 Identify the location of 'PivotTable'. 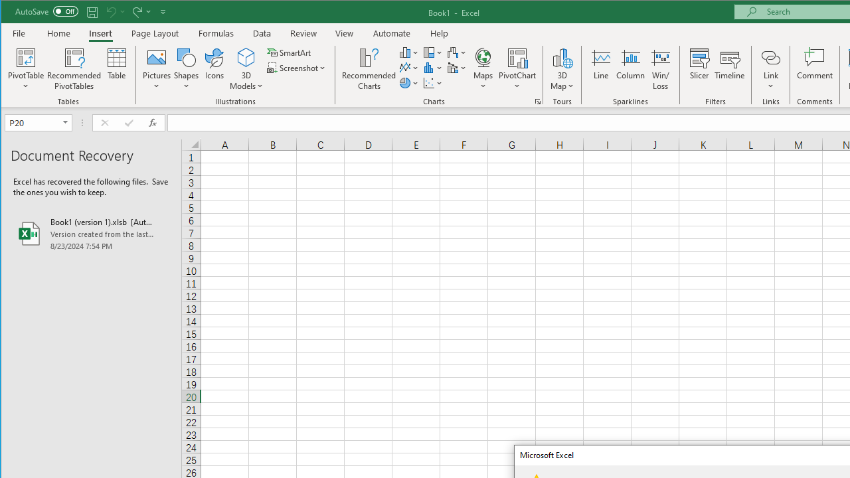
(26, 56).